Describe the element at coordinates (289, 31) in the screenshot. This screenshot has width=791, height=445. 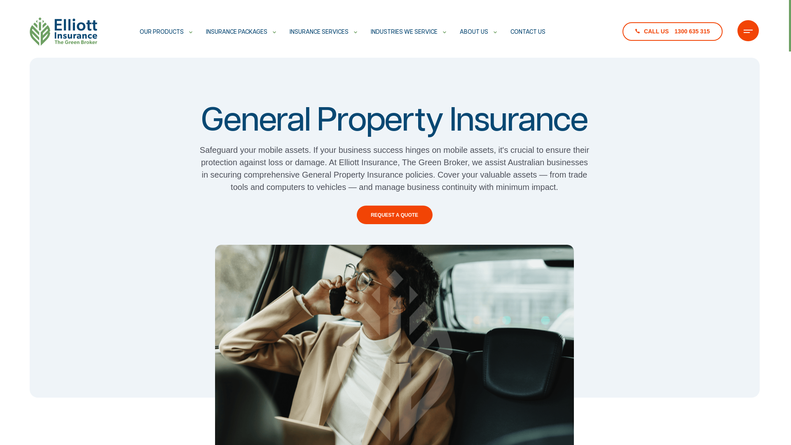
I see `'INSURANCE SERVICES'` at that location.